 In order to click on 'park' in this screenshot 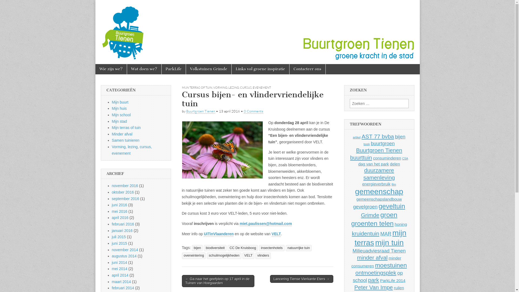, I will do `click(373, 280)`.